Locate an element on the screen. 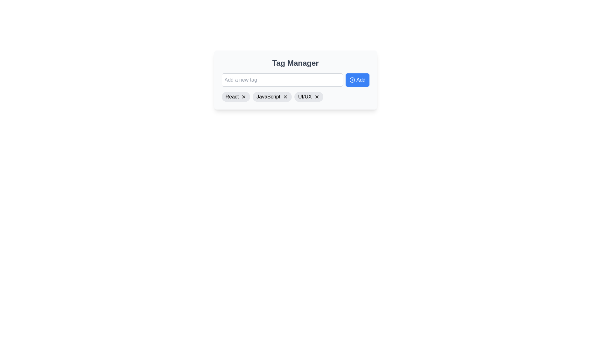 Image resolution: width=611 pixels, height=343 pixels. the small black 'X' icon located at the far right of the 'React' tag to trigger any potential hover effects is located at coordinates (243, 97).